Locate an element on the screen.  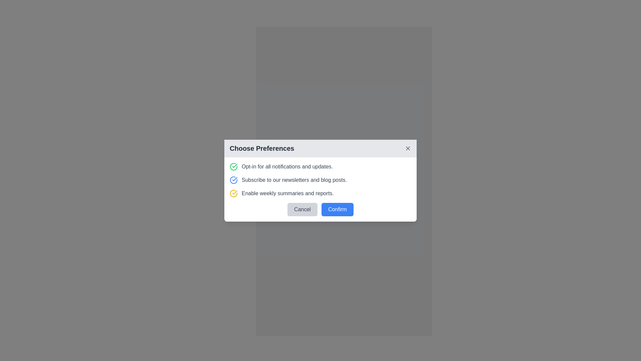
the checkmark within the 'Choose Preferences' modal dialog box, indicating selection for the option 'Opt-in for all notifications is located at coordinates (235, 178).